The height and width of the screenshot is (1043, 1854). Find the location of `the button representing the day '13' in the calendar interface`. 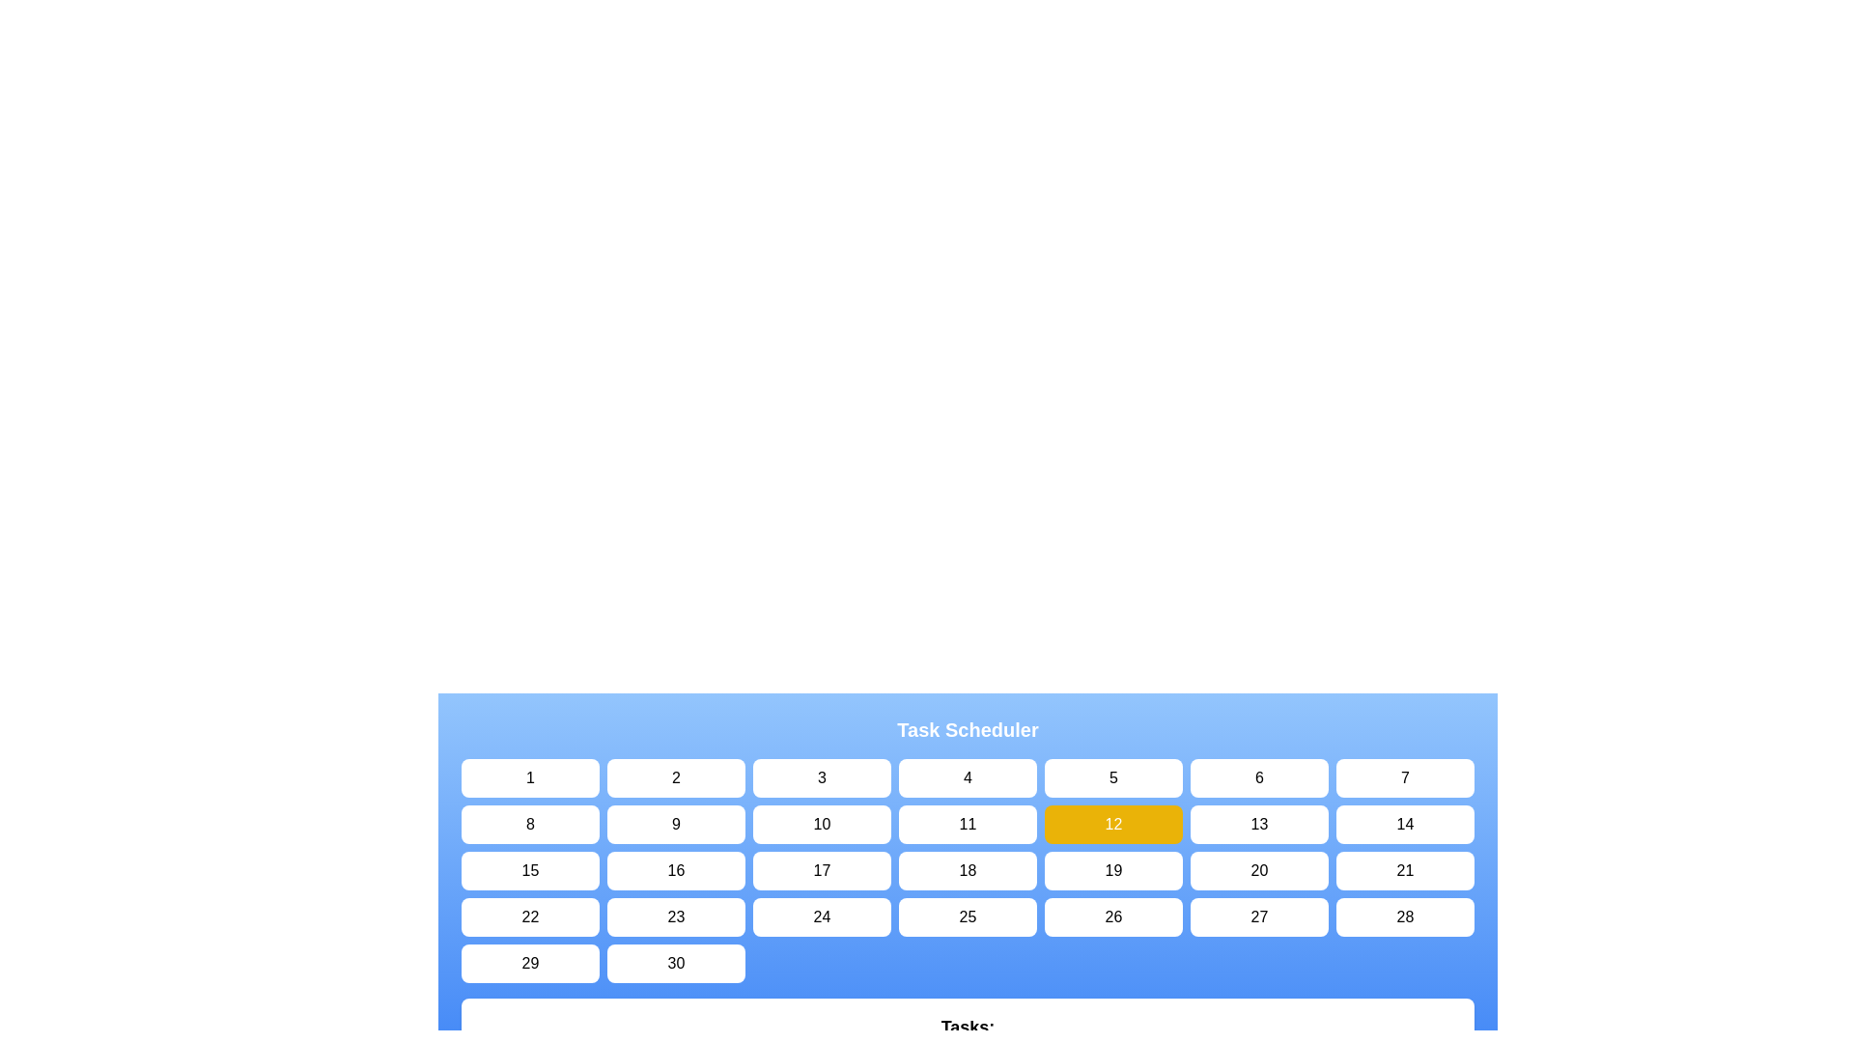

the button representing the day '13' in the calendar interface is located at coordinates (1259, 824).